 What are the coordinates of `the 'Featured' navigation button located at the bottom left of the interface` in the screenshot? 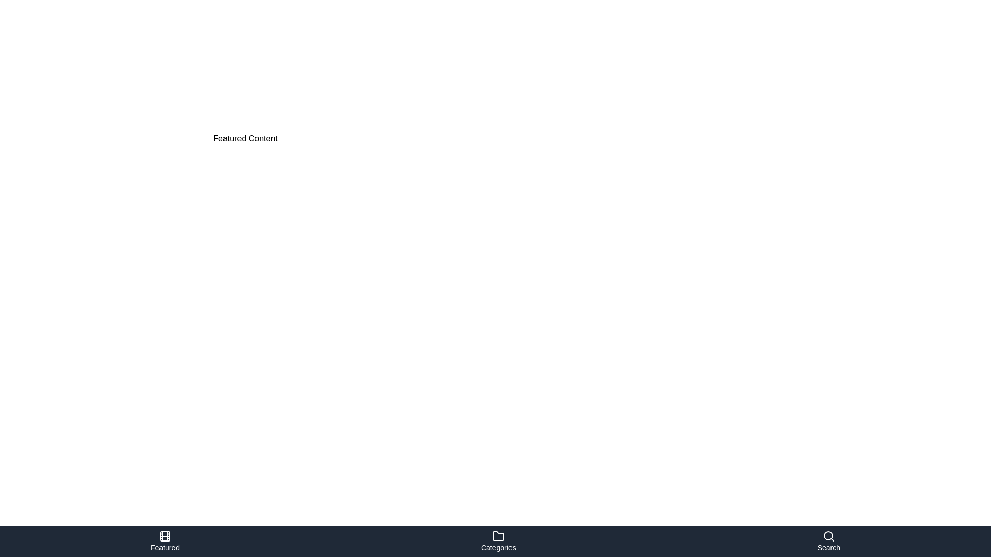 It's located at (165, 540).